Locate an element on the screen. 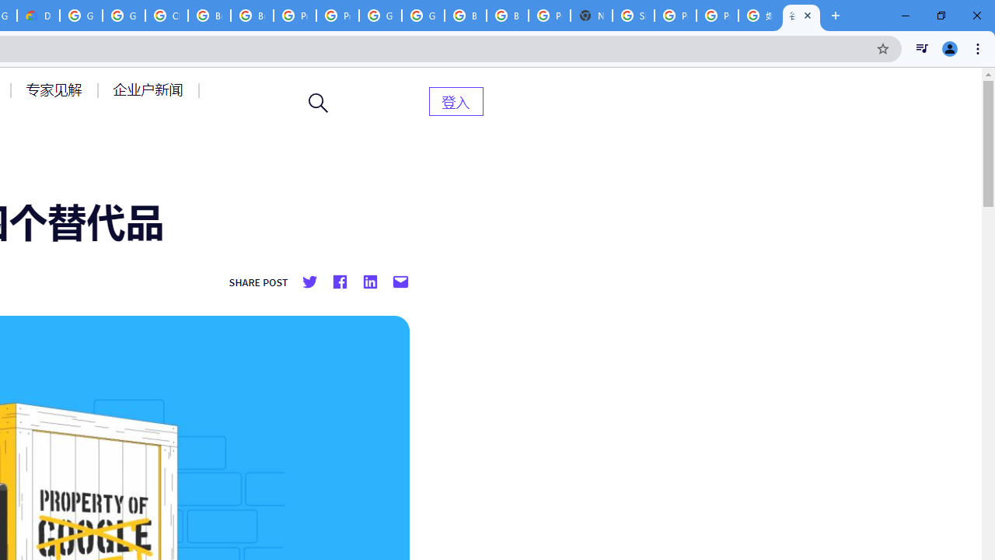  'Share on Linkedin' is located at coordinates (368, 282).